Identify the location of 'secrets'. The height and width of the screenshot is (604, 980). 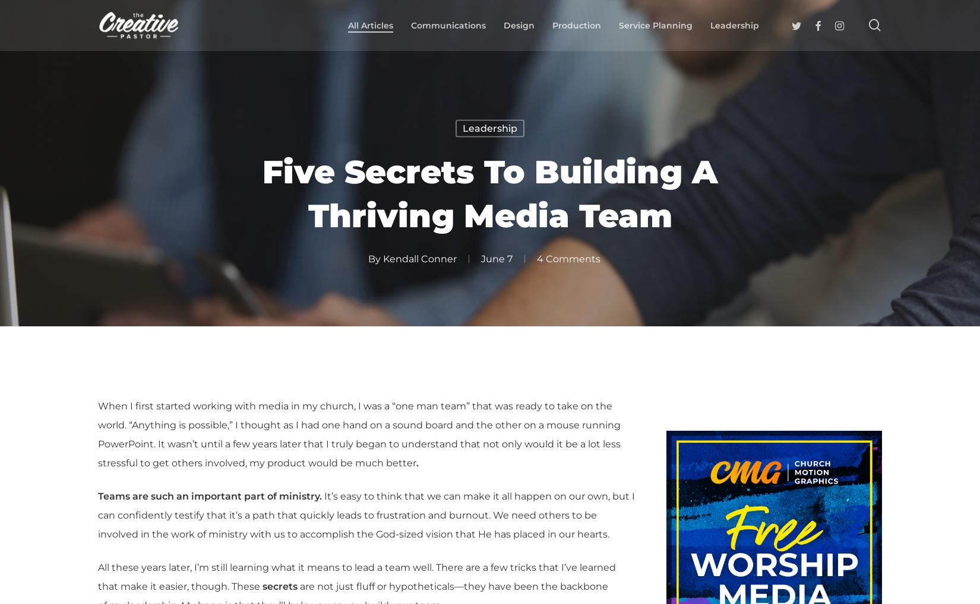
(262, 586).